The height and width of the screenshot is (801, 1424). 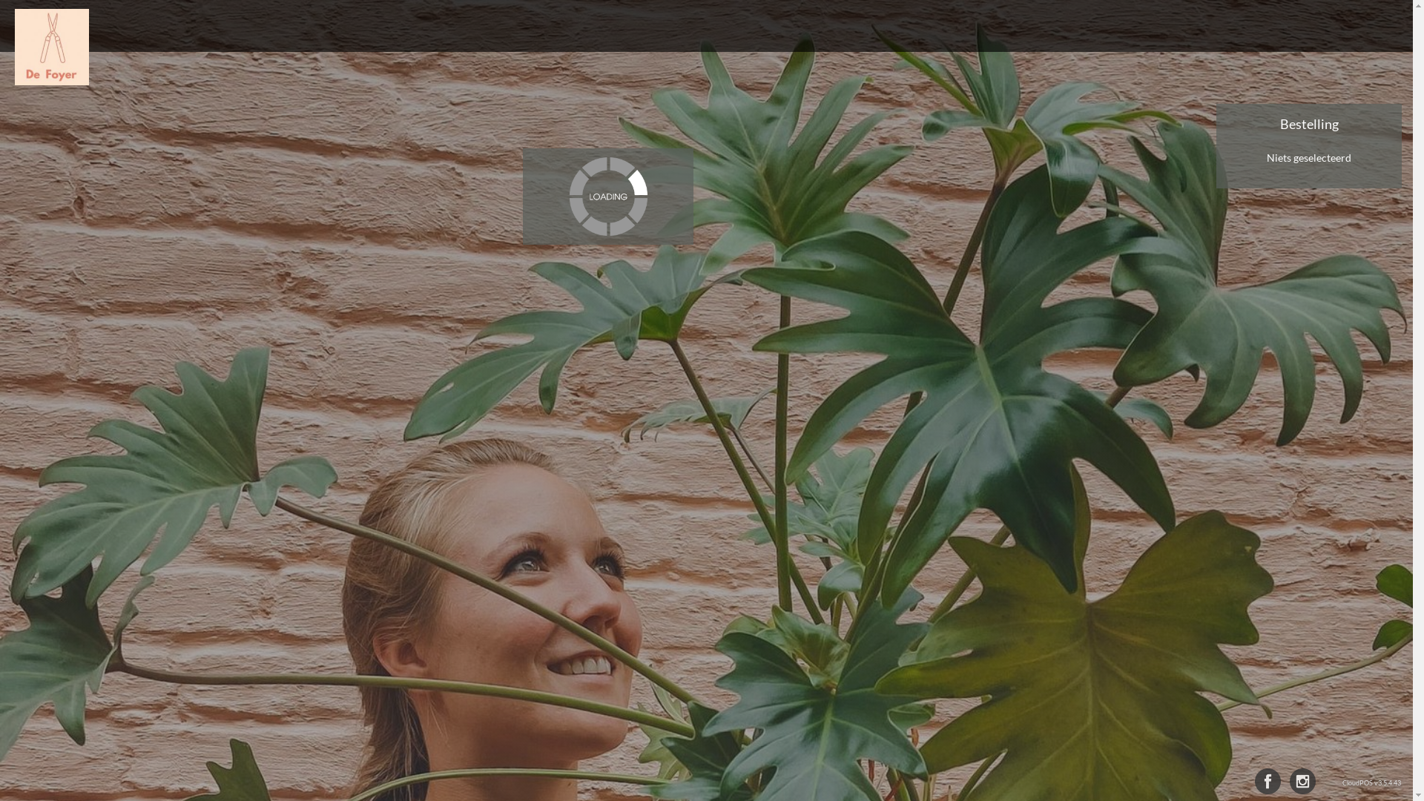 What do you see at coordinates (1371, 779) in the screenshot?
I see `'CloudPOS v3.5.4.43'` at bounding box center [1371, 779].